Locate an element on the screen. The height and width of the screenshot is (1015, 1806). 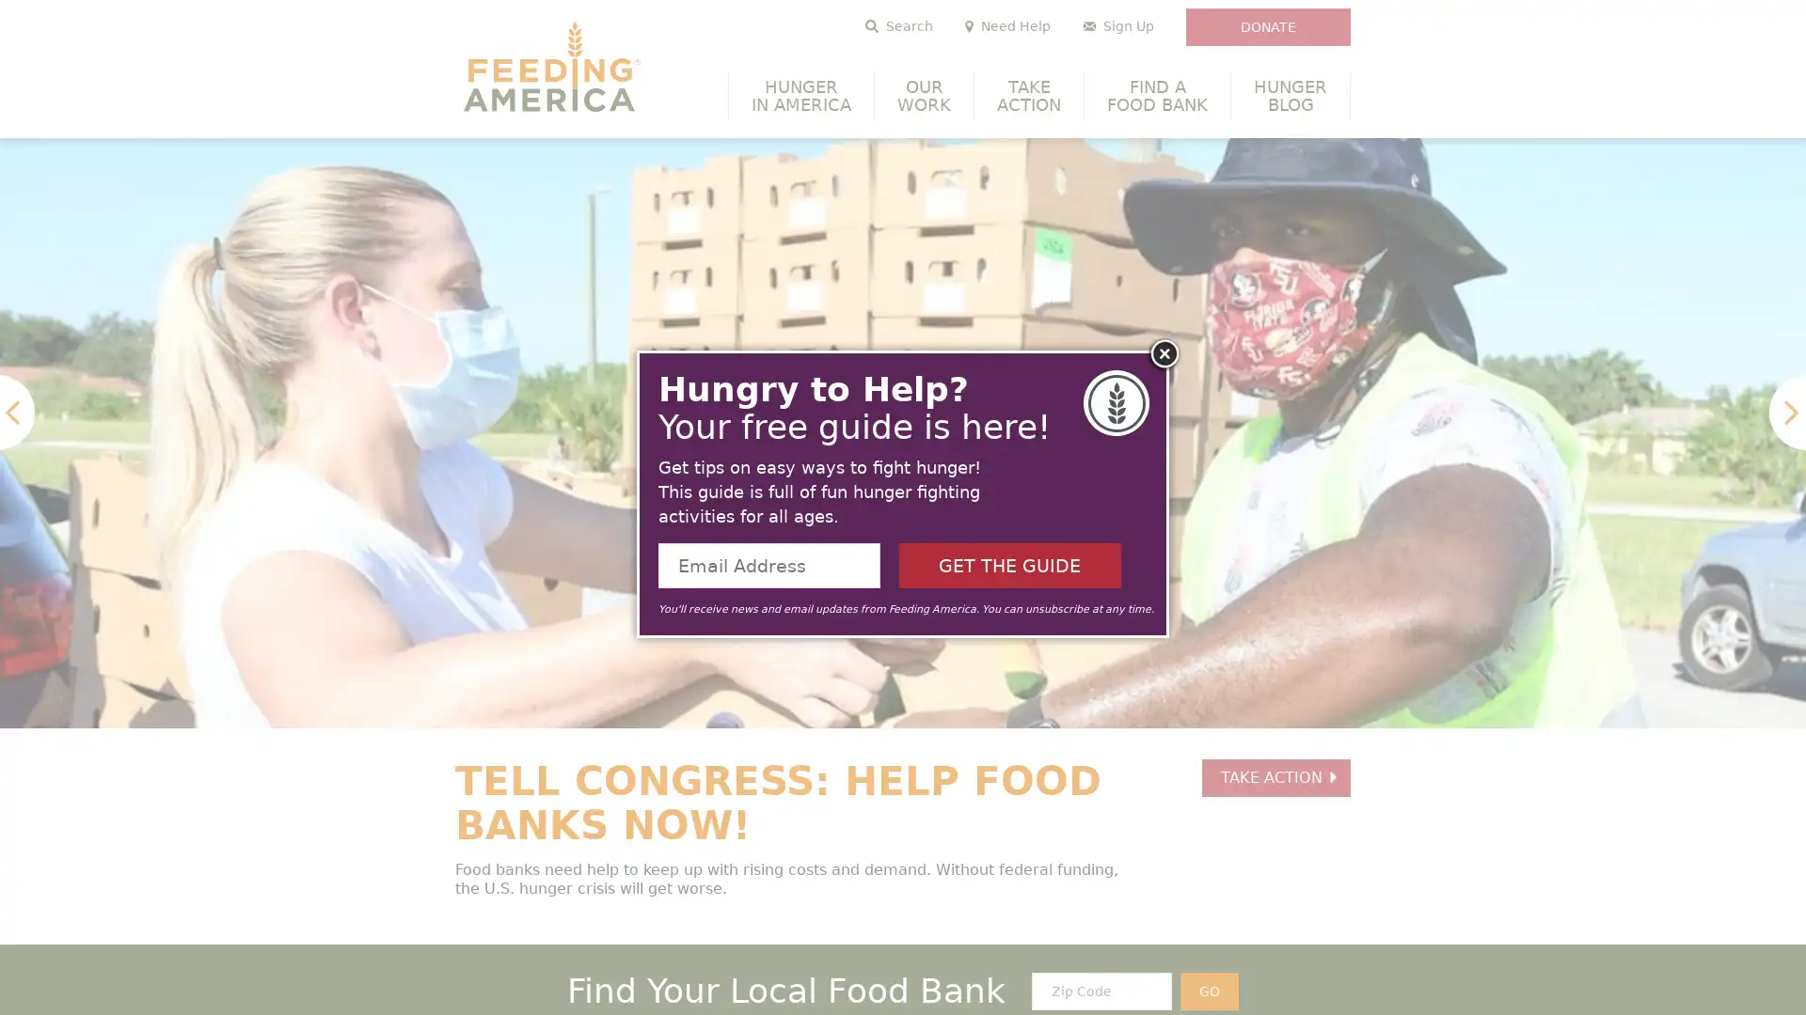
Search is located at coordinates (897, 25).